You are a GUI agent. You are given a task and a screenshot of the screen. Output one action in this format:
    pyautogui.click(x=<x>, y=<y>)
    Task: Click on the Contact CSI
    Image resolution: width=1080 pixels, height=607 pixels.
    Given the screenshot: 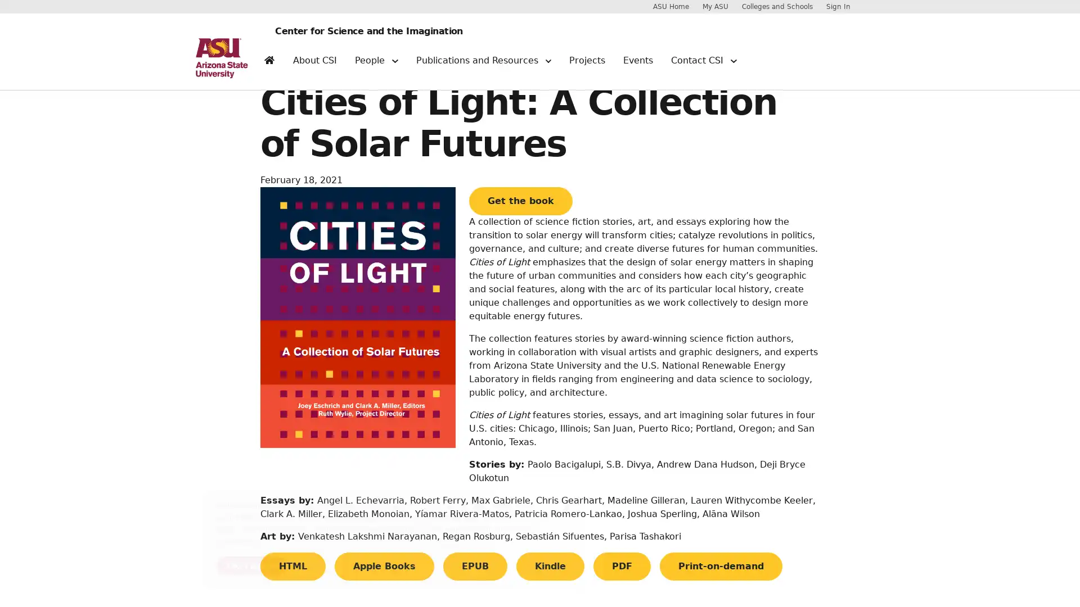 What is the action you would take?
    pyautogui.click(x=703, y=65)
    